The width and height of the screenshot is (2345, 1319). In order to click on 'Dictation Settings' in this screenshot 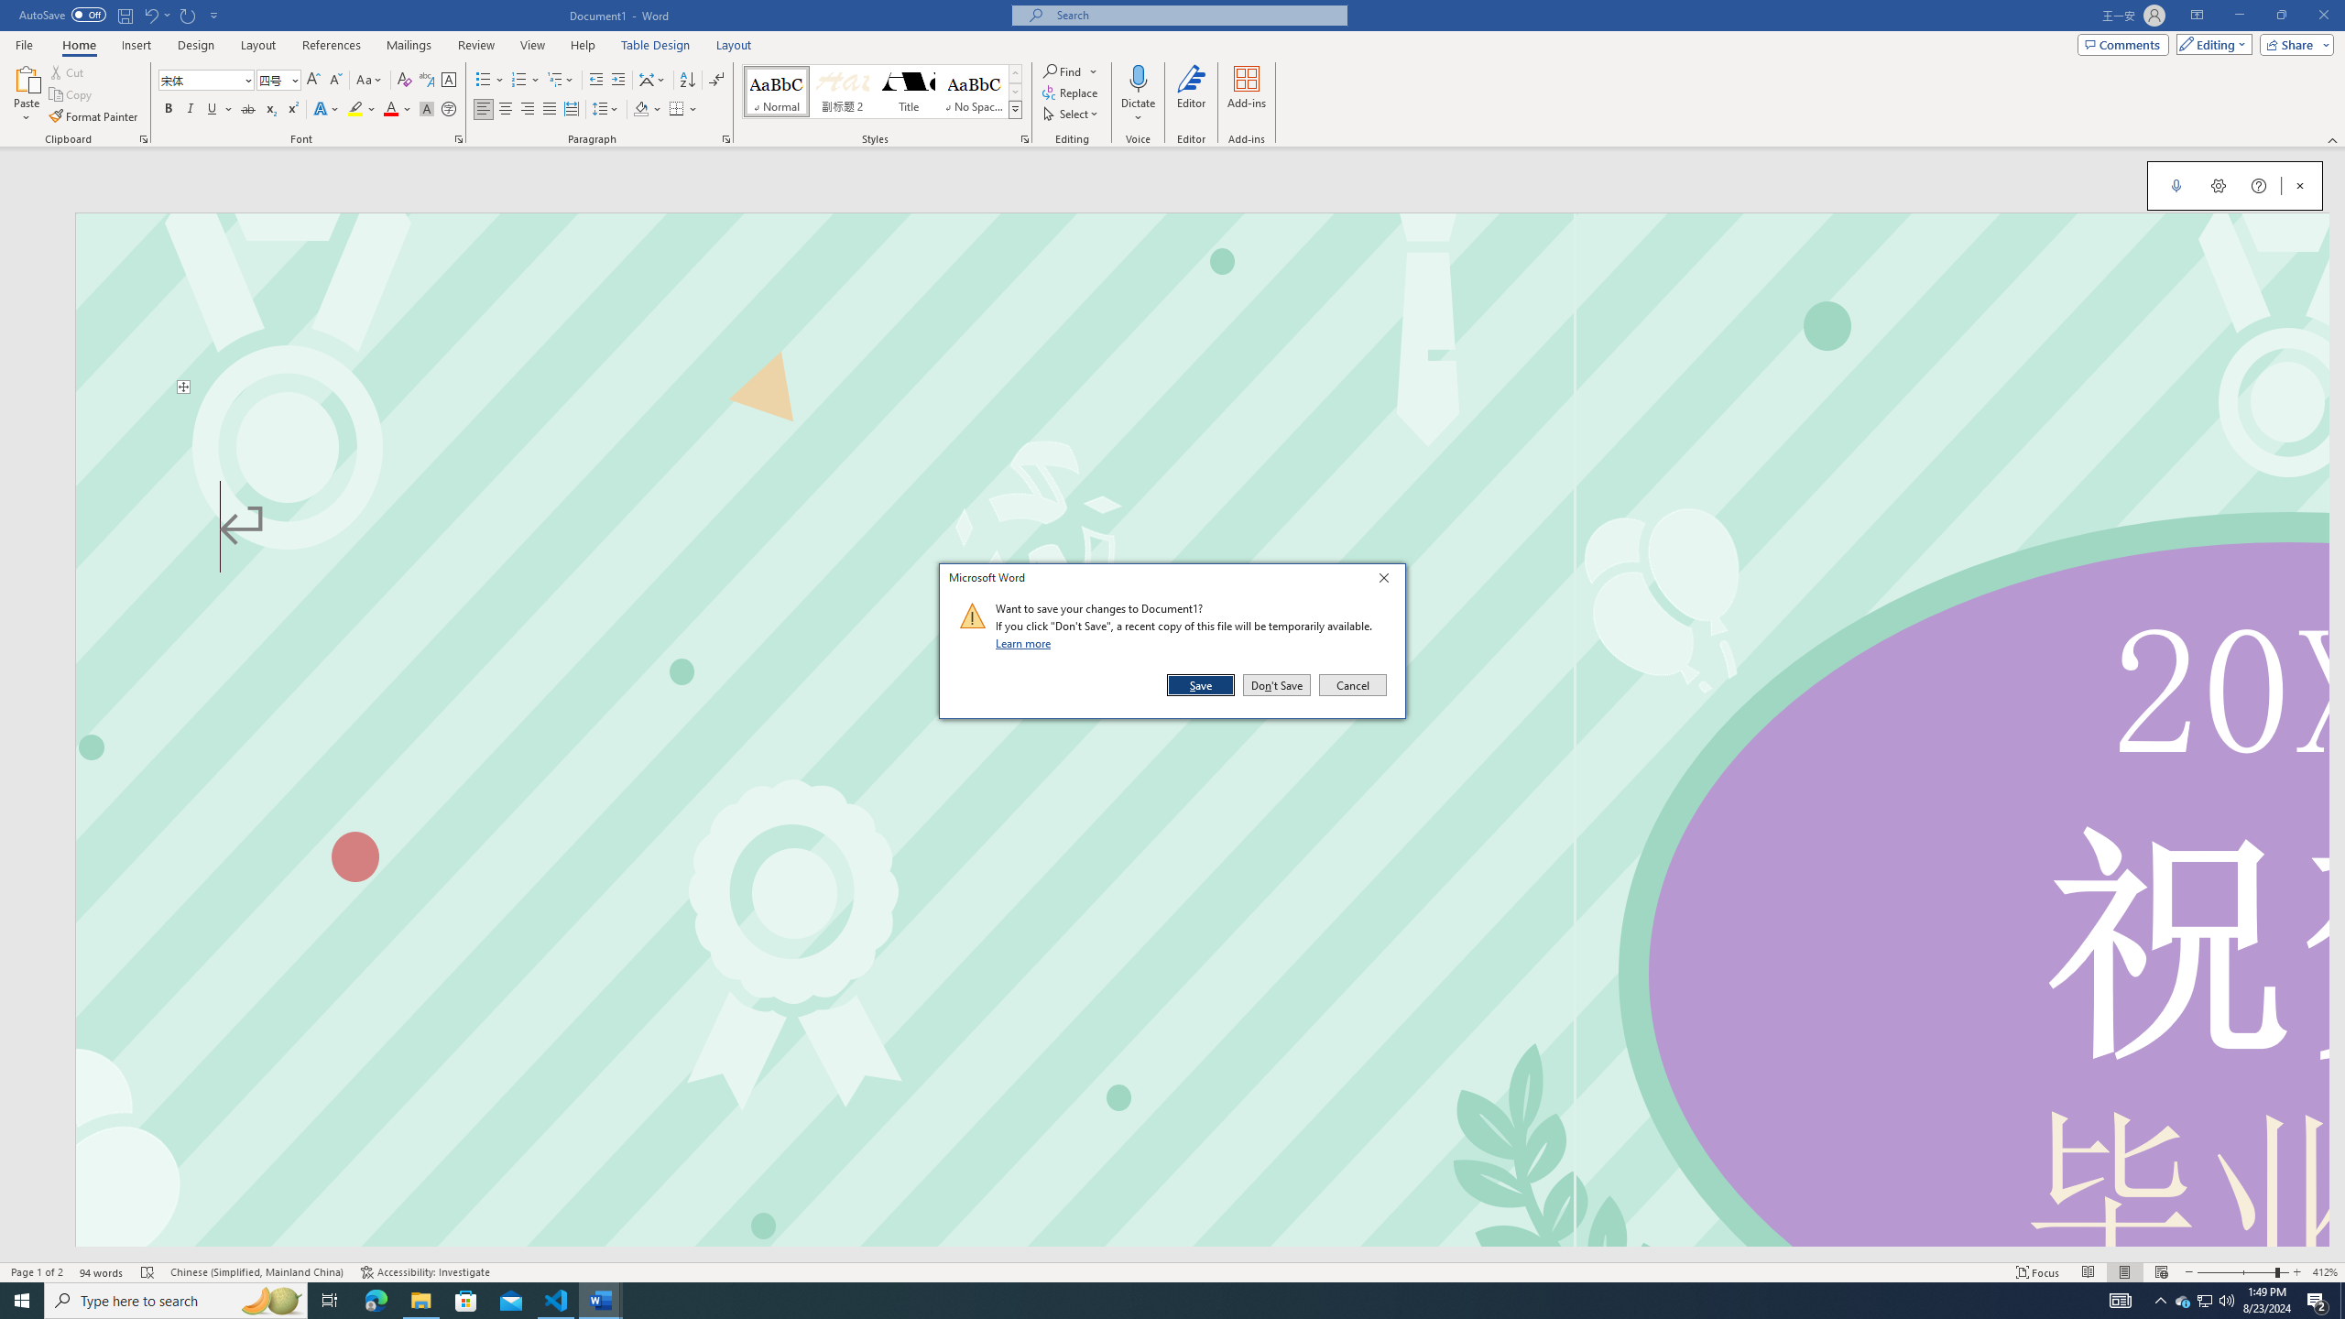, I will do `click(2218, 185)`.